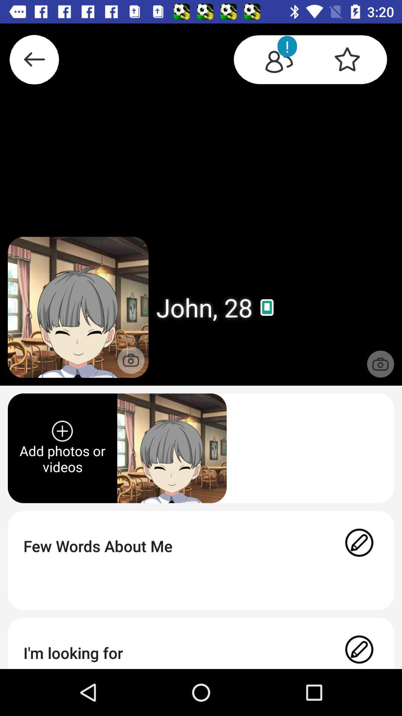 The width and height of the screenshot is (402, 716). I want to click on the edit icon, so click(359, 546).